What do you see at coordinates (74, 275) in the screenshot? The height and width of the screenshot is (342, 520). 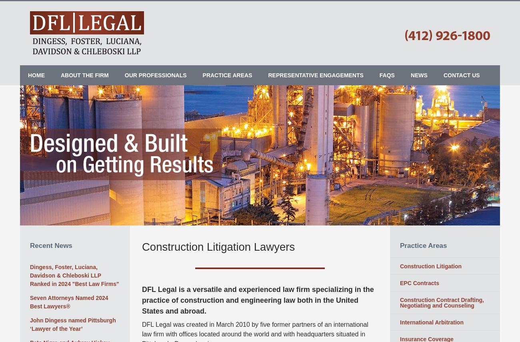 I see `'Dingess, Foster, Luciana, Davidson & Chleboski LLP Ranked in 2024 "Best Law Firms"'` at bounding box center [74, 275].